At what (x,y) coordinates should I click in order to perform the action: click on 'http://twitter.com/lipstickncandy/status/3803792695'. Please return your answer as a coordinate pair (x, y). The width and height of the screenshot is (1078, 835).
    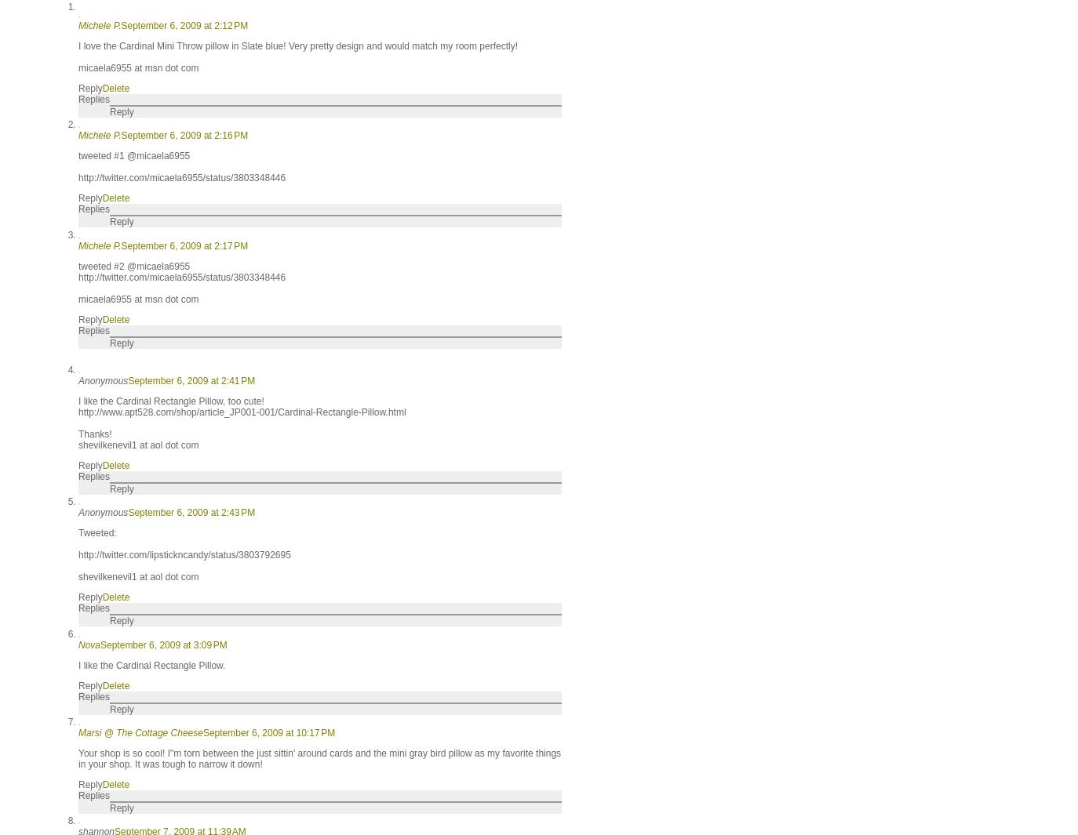
    Looking at the image, I should click on (183, 555).